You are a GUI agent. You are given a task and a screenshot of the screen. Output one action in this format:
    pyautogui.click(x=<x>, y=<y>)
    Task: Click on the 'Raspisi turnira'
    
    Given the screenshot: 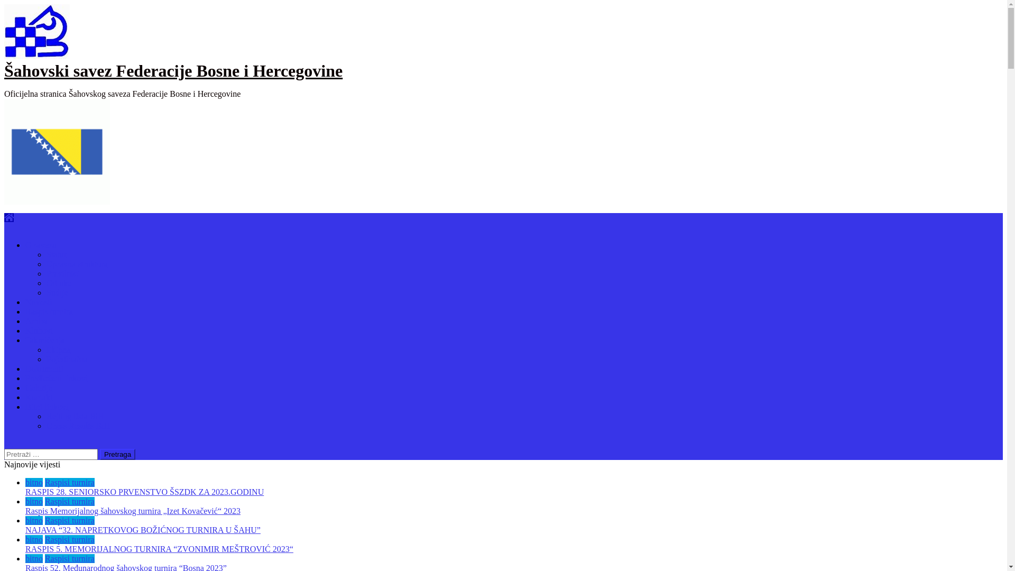 What is the action you would take?
    pyautogui.click(x=44, y=520)
    